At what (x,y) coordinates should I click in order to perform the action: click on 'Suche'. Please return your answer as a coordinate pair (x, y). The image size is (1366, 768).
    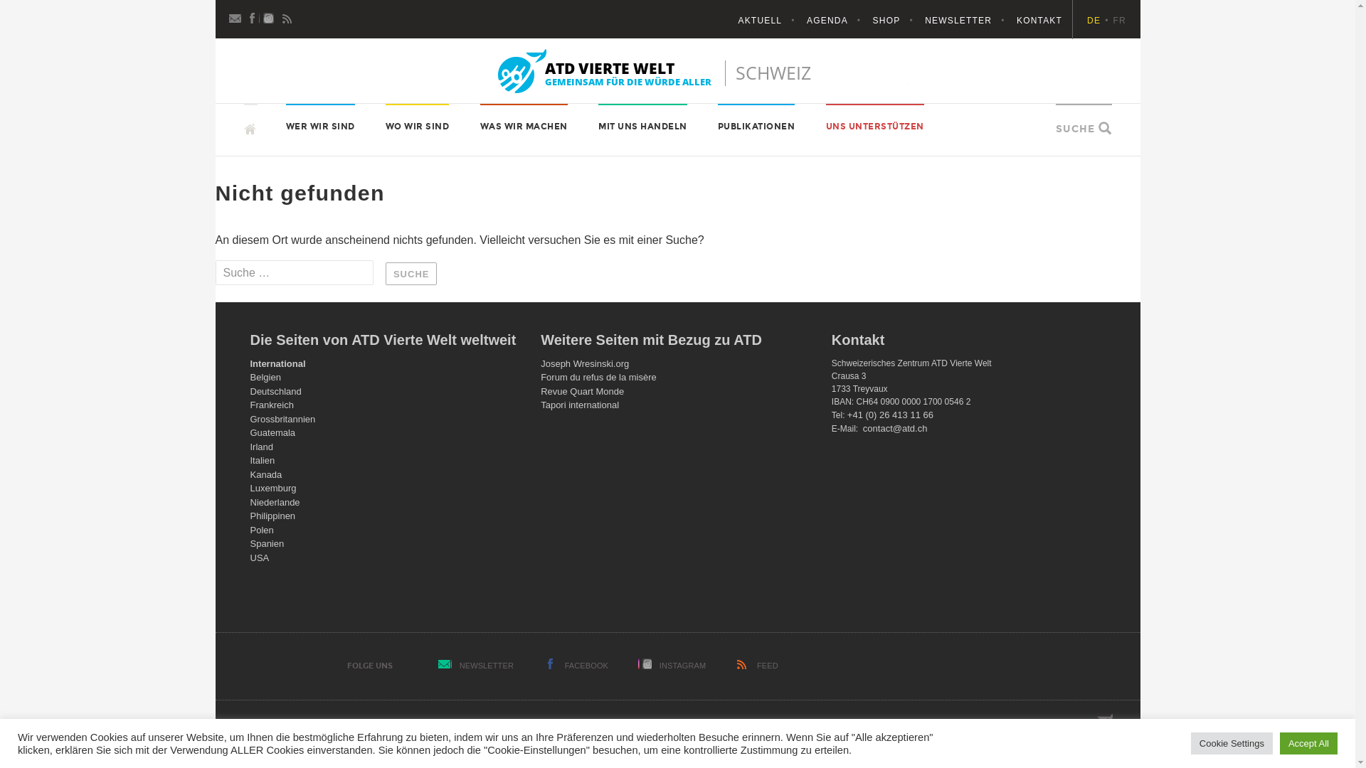
    Looking at the image, I should click on (411, 274).